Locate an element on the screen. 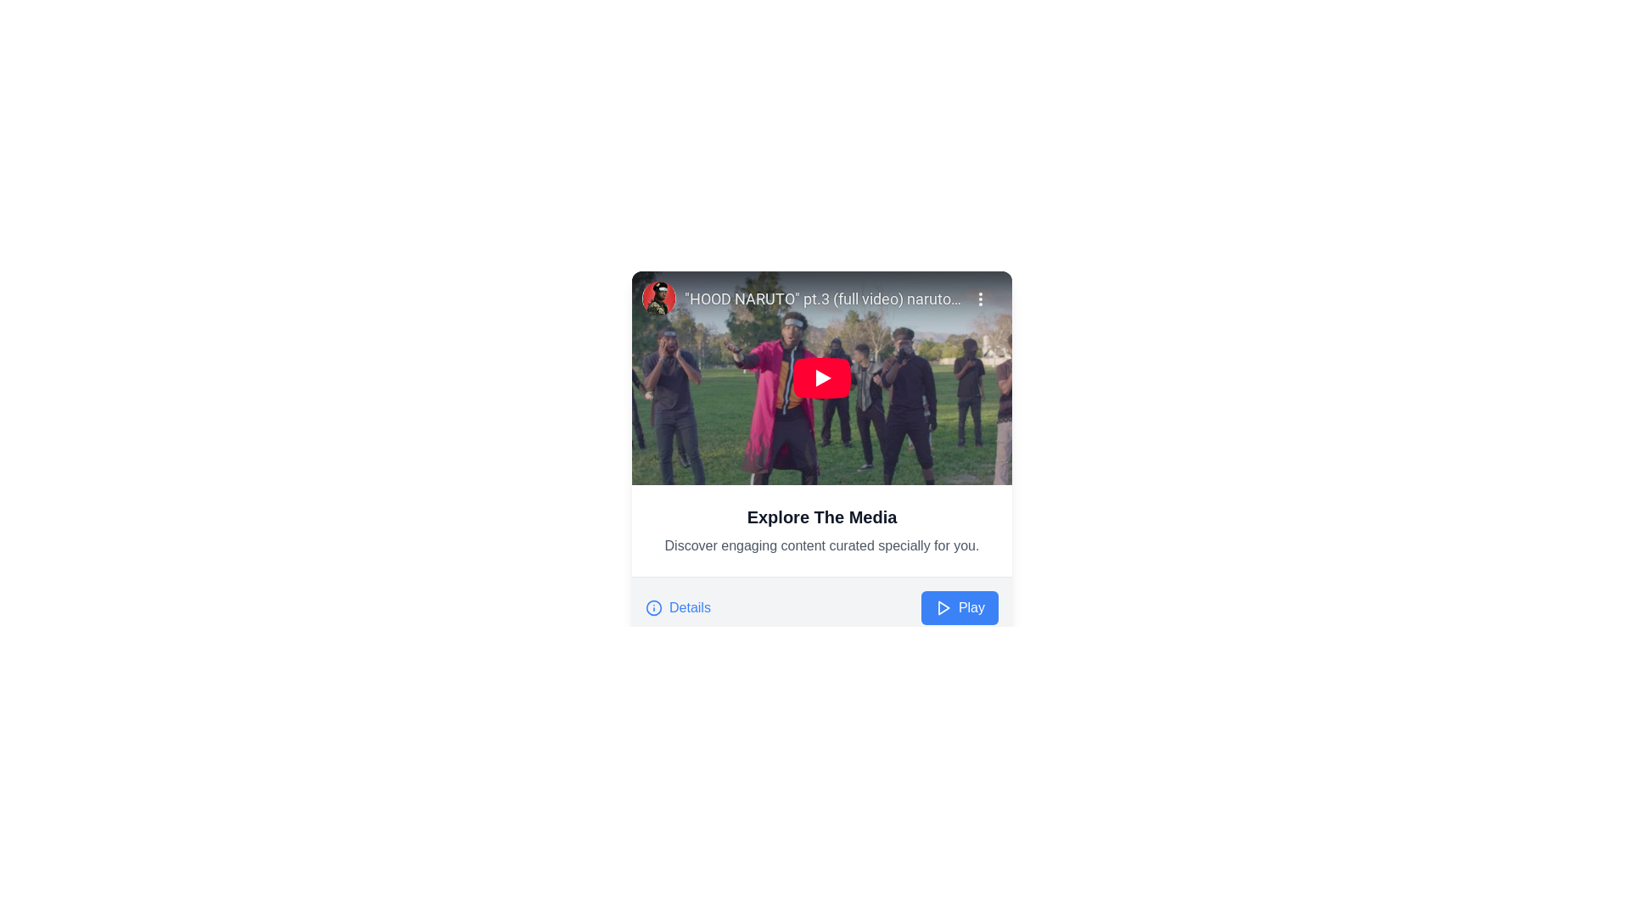 This screenshot has height=916, width=1629. the circular information icon with a blue outline and white background located to the left of the text 'Details' is located at coordinates (653, 607).